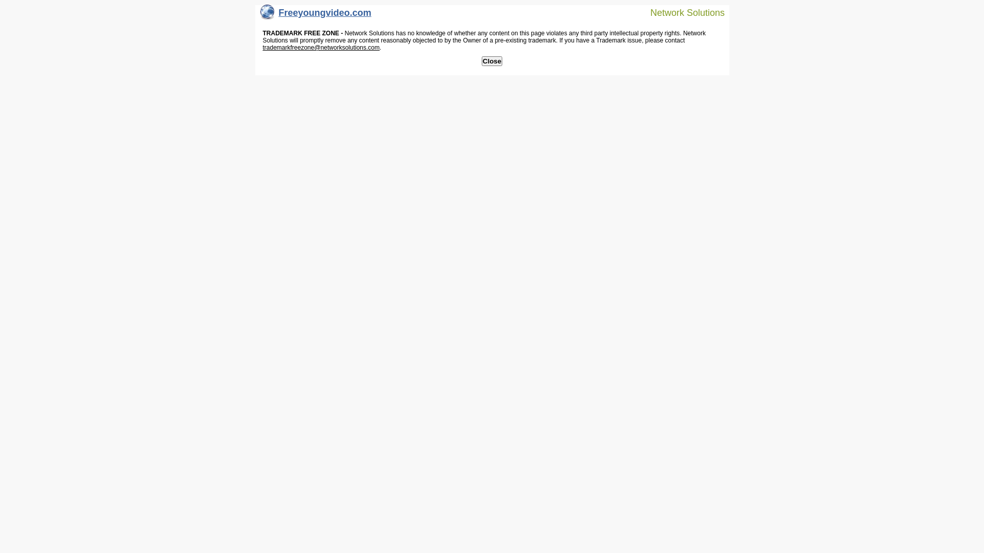  I want to click on 'trademarkfreezone@networksolutions.com', so click(320, 47).